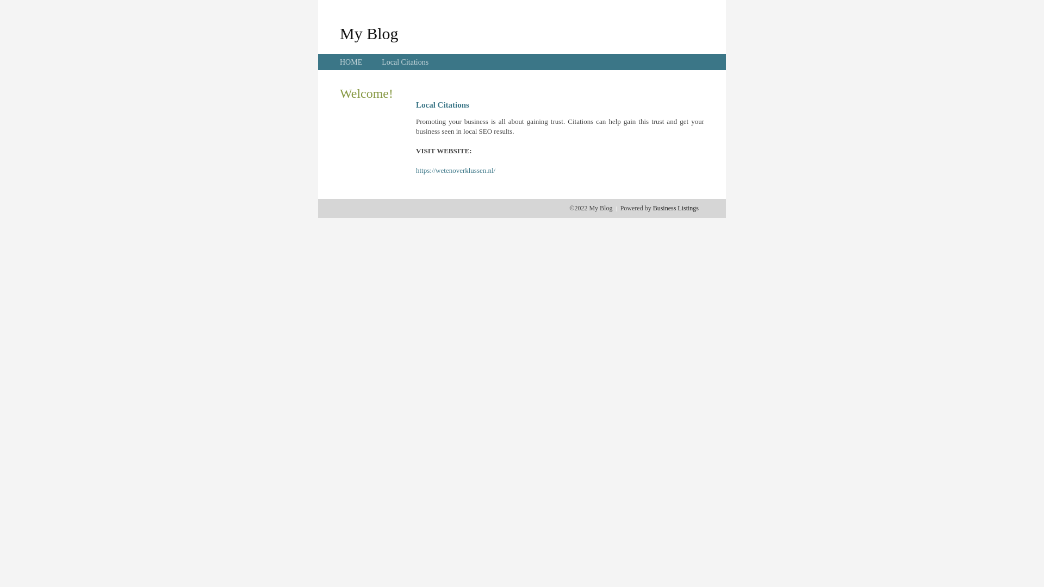 This screenshot has height=587, width=1044. What do you see at coordinates (369, 33) in the screenshot?
I see `'My Blog'` at bounding box center [369, 33].